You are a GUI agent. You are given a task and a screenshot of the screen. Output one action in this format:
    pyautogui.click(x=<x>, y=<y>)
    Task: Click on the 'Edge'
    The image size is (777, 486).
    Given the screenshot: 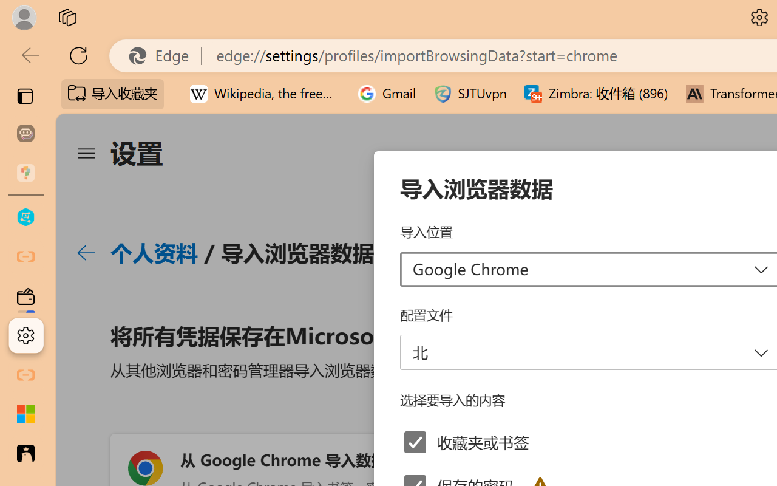 What is the action you would take?
    pyautogui.click(x=163, y=55)
    